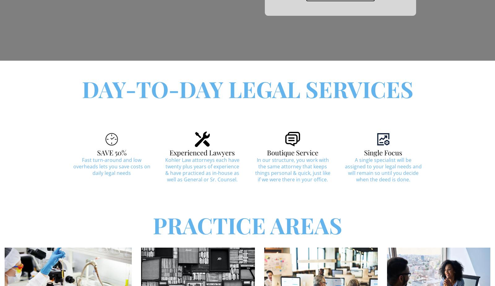 Image resolution: width=495 pixels, height=286 pixels. Describe the element at coordinates (202, 152) in the screenshot. I see `'Experienced Lawyers'` at that location.